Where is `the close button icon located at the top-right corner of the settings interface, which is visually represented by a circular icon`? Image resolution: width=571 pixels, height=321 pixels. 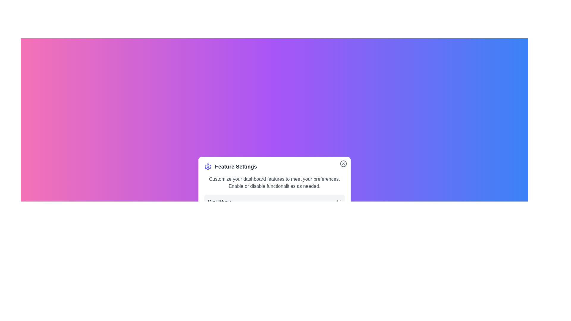 the close button icon located at the top-right corner of the settings interface, which is visually represented by a circular icon is located at coordinates (343, 164).